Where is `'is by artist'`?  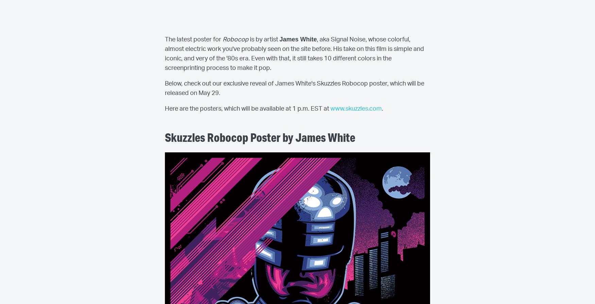 'is by artist' is located at coordinates (263, 39).